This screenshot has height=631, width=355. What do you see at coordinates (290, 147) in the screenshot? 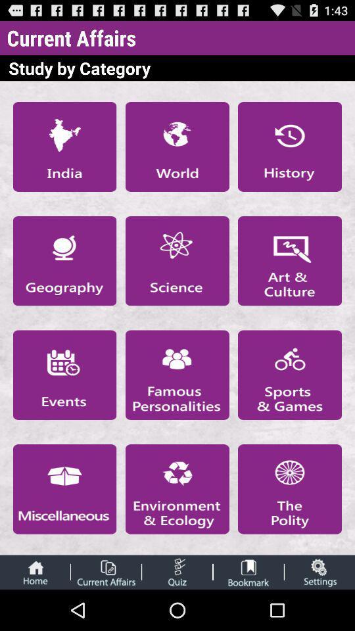
I see `history category` at bounding box center [290, 147].